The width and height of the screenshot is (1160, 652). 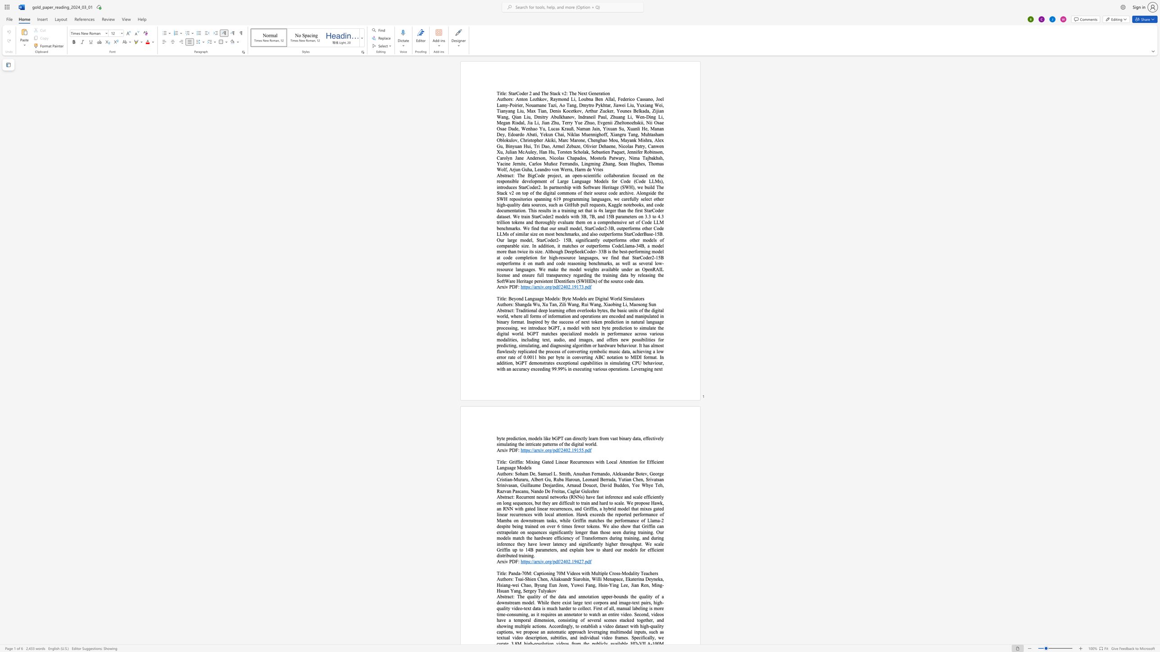 What do you see at coordinates (498, 562) in the screenshot?
I see `the 1th character "A" in the text` at bounding box center [498, 562].